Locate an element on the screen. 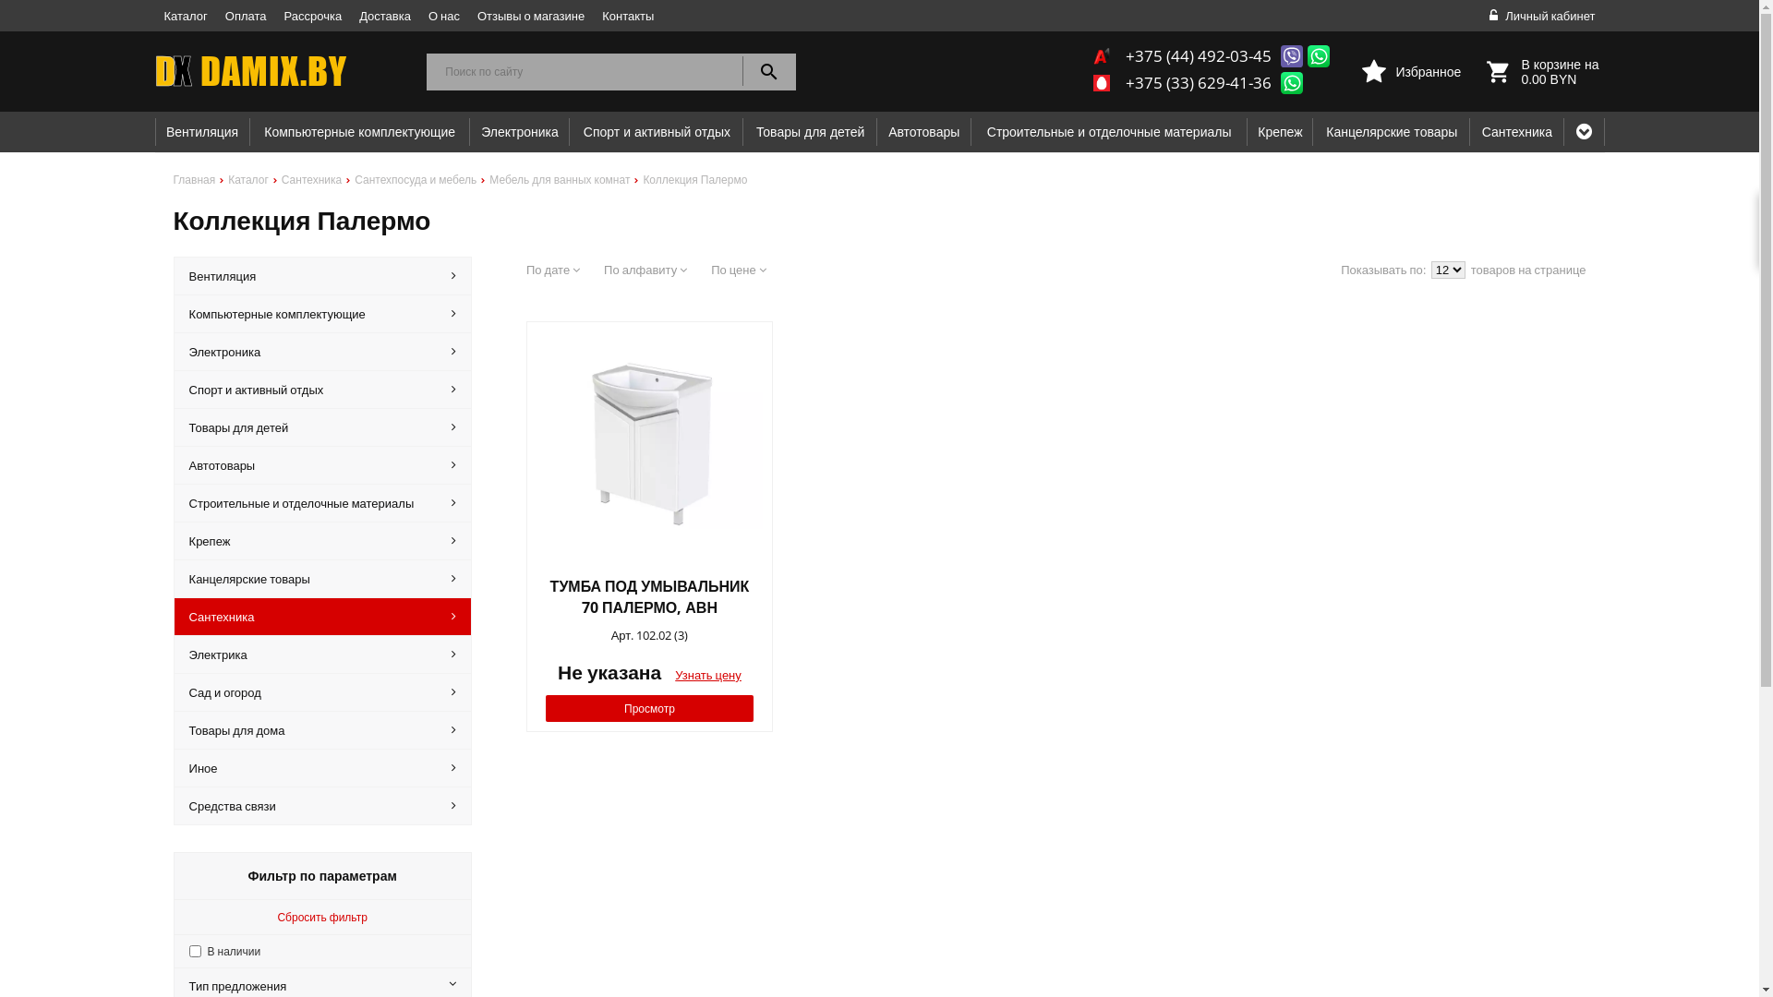 The width and height of the screenshot is (1773, 997). 'search' is located at coordinates (769, 70).